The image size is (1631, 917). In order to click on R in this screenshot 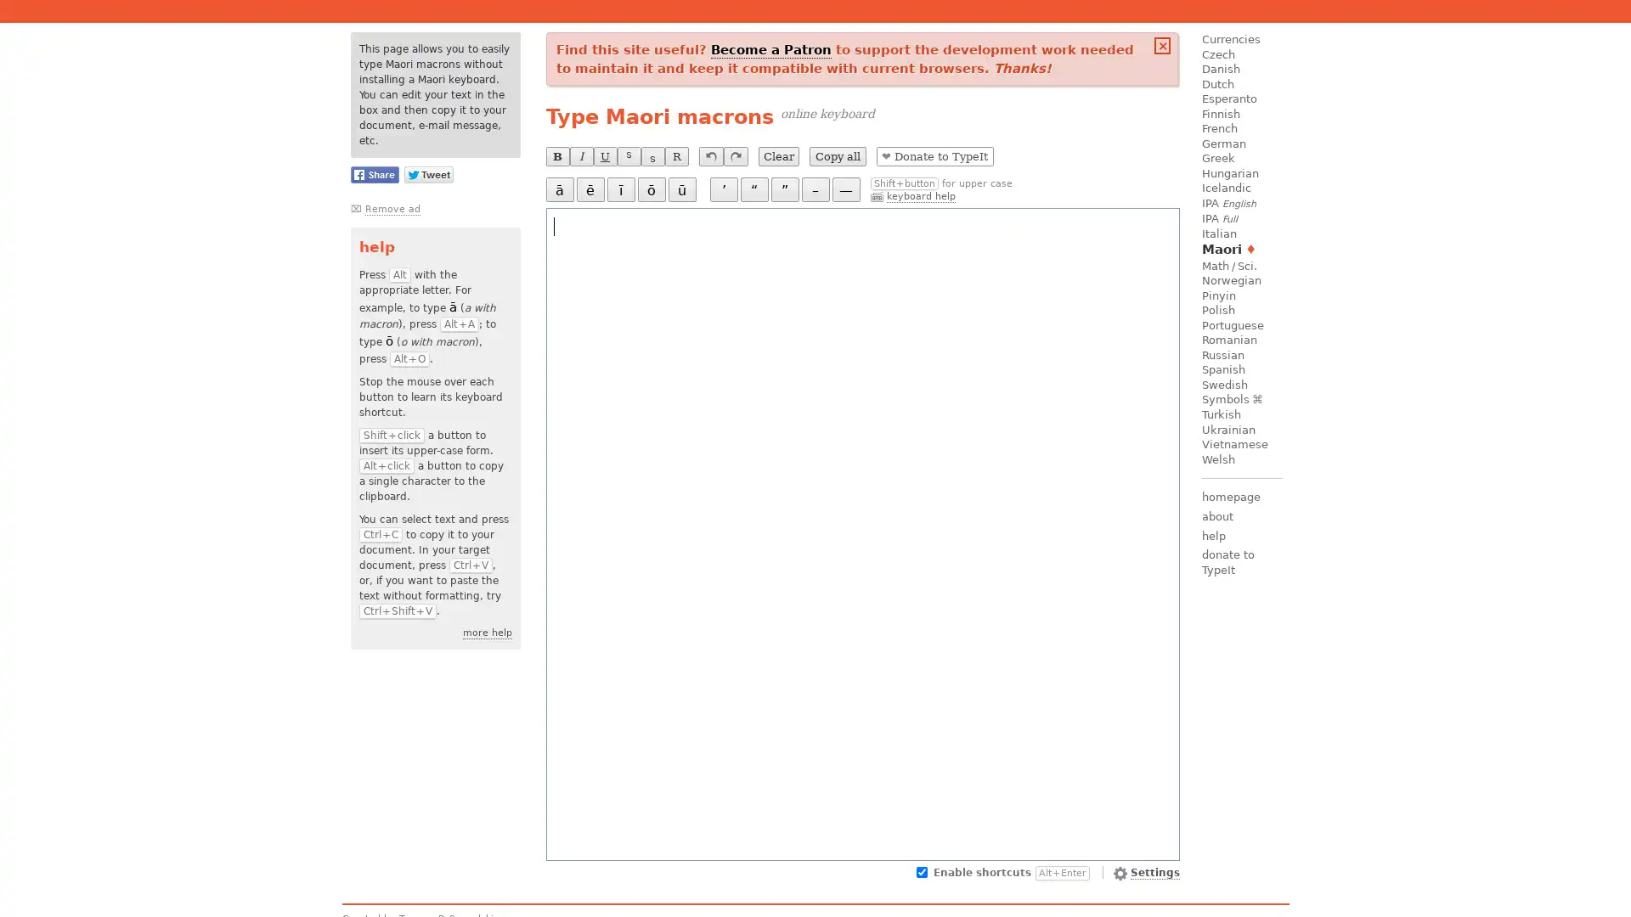, I will do `click(675, 156)`.